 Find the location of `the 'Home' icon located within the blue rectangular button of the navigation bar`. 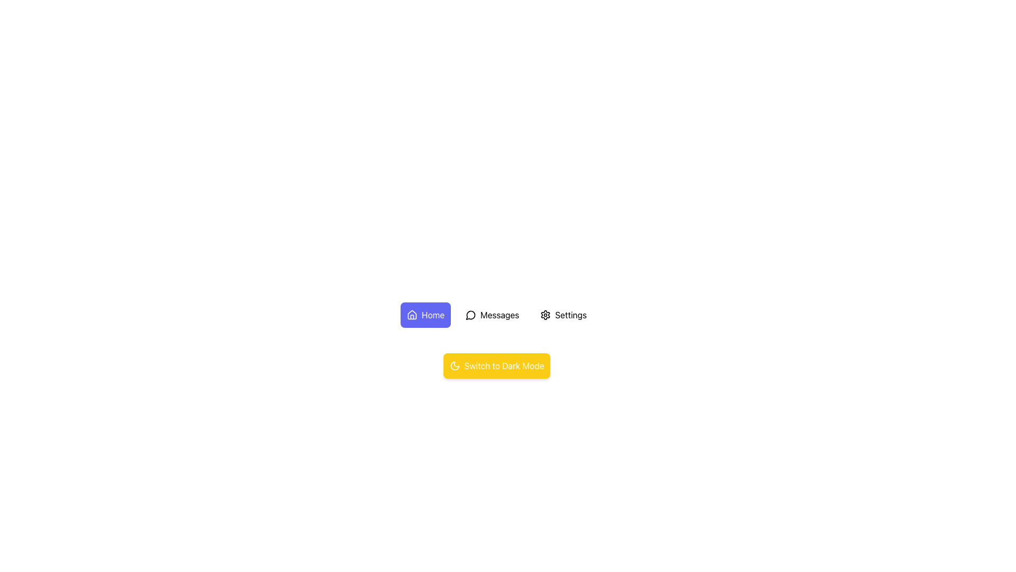

the 'Home' icon located within the blue rectangular button of the navigation bar is located at coordinates (411, 314).